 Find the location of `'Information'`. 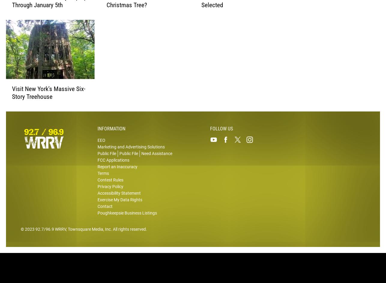

'Information' is located at coordinates (97, 132).